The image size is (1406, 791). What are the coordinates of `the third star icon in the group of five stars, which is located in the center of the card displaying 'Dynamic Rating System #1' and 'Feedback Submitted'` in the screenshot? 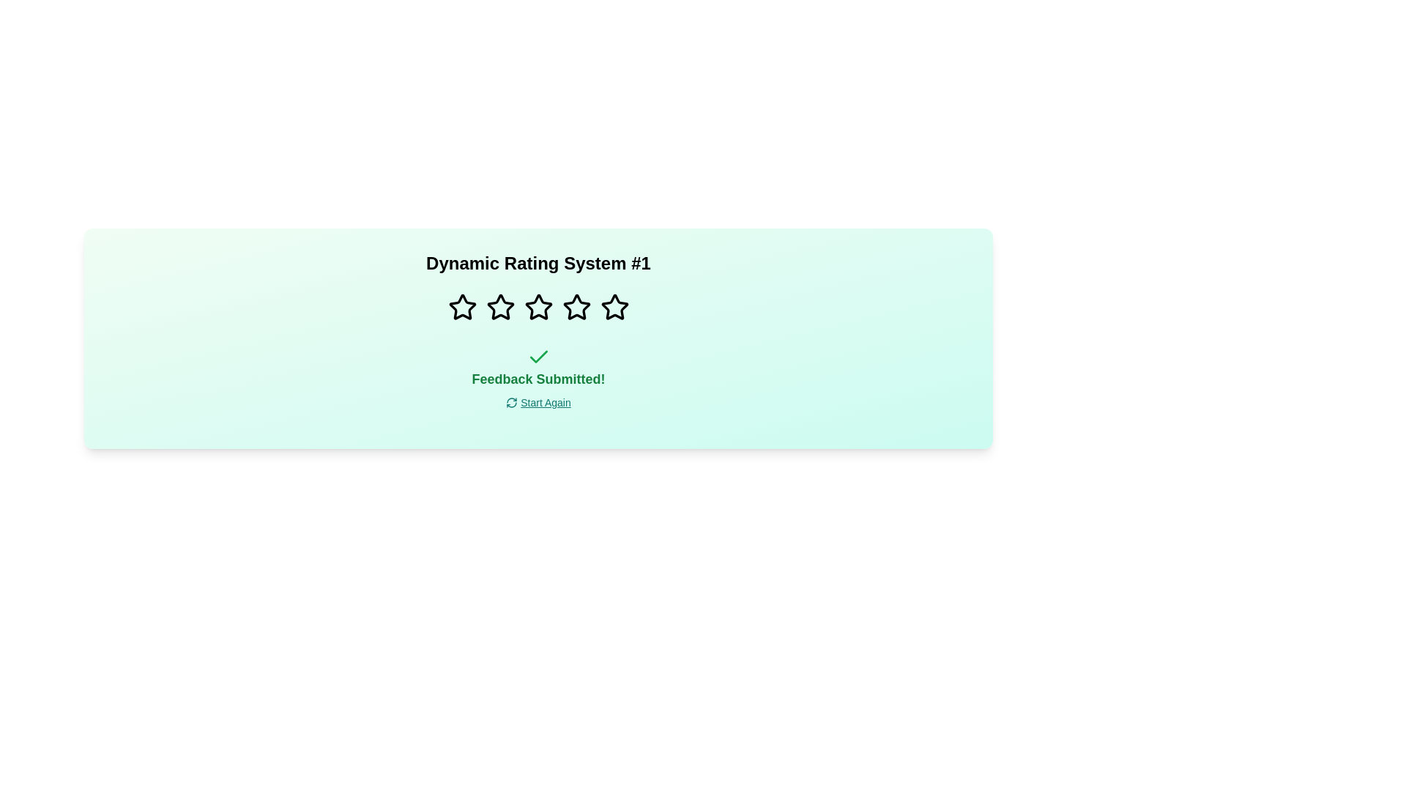 It's located at (538, 307).